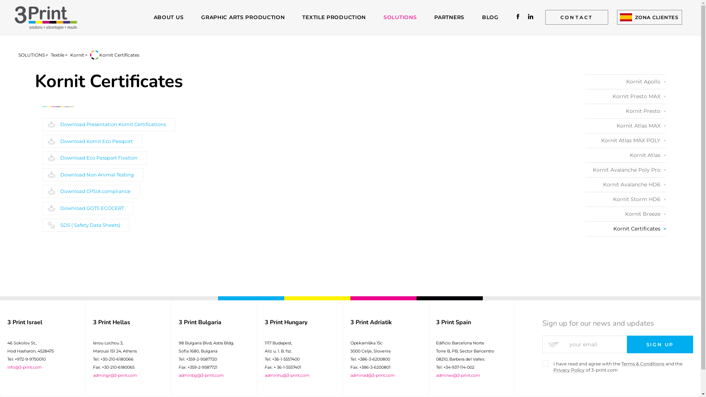  Describe the element at coordinates (568, 370) in the screenshot. I see `'Privacy Policy'` at that location.